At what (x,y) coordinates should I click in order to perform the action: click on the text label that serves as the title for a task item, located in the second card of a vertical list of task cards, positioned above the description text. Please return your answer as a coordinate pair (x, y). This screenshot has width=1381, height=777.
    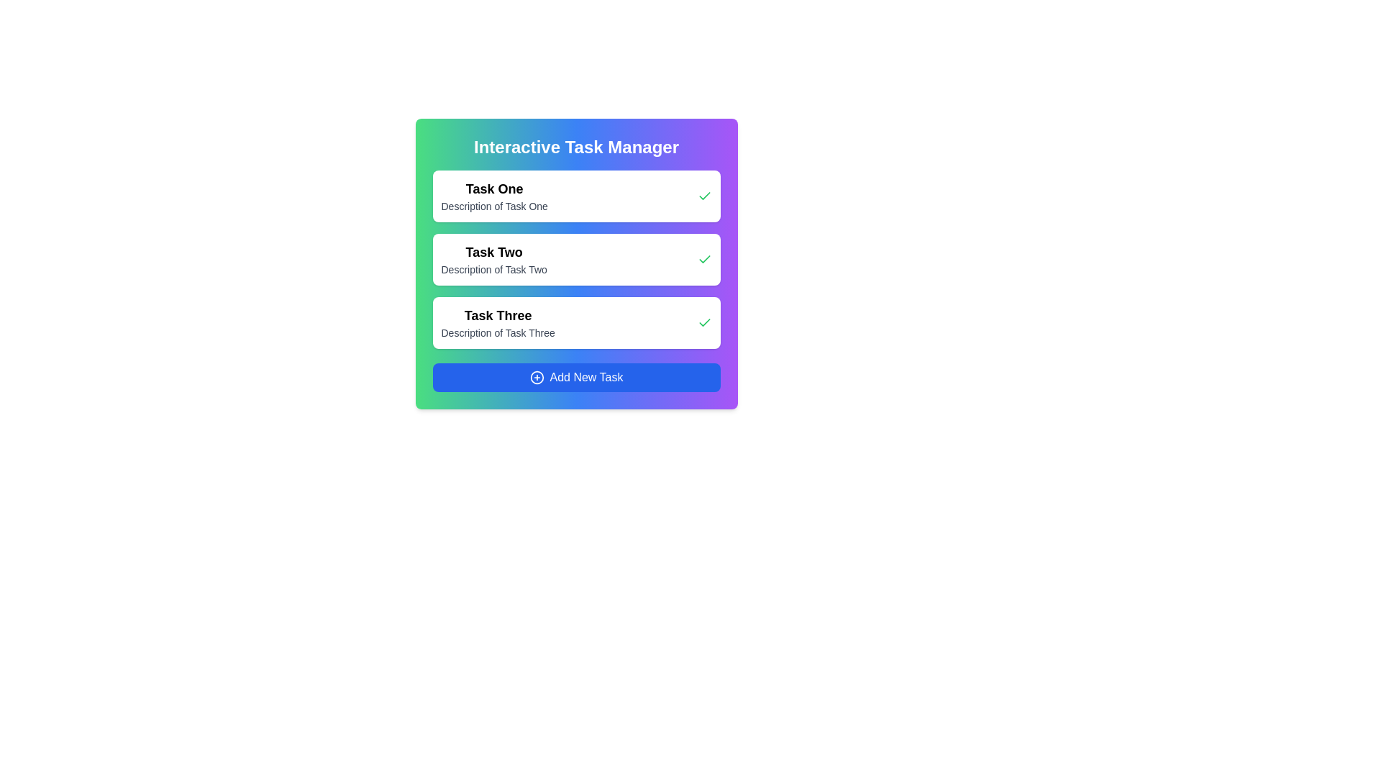
    Looking at the image, I should click on (494, 252).